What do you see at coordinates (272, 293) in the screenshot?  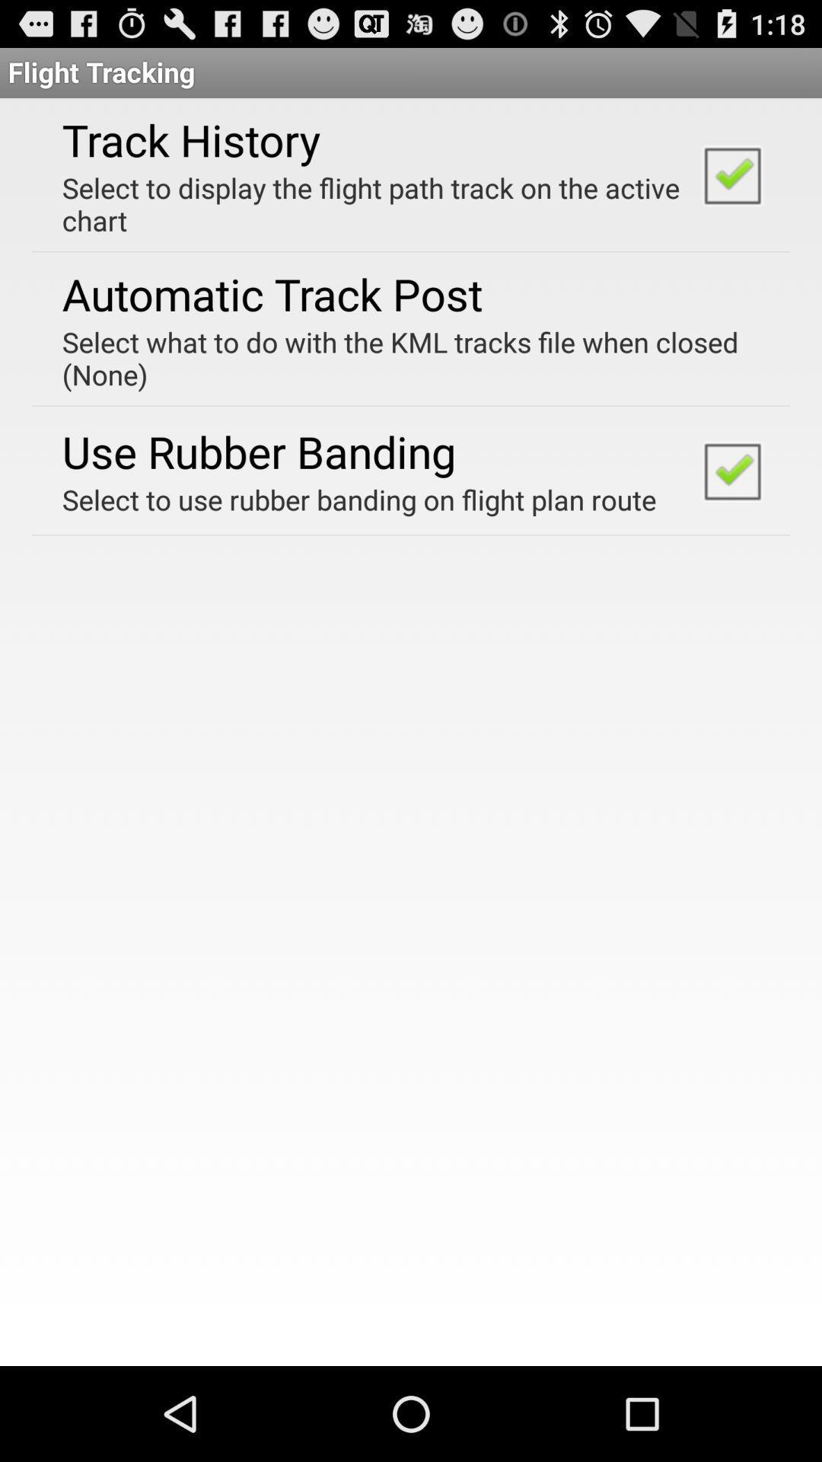 I see `the item below select to display` at bounding box center [272, 293].